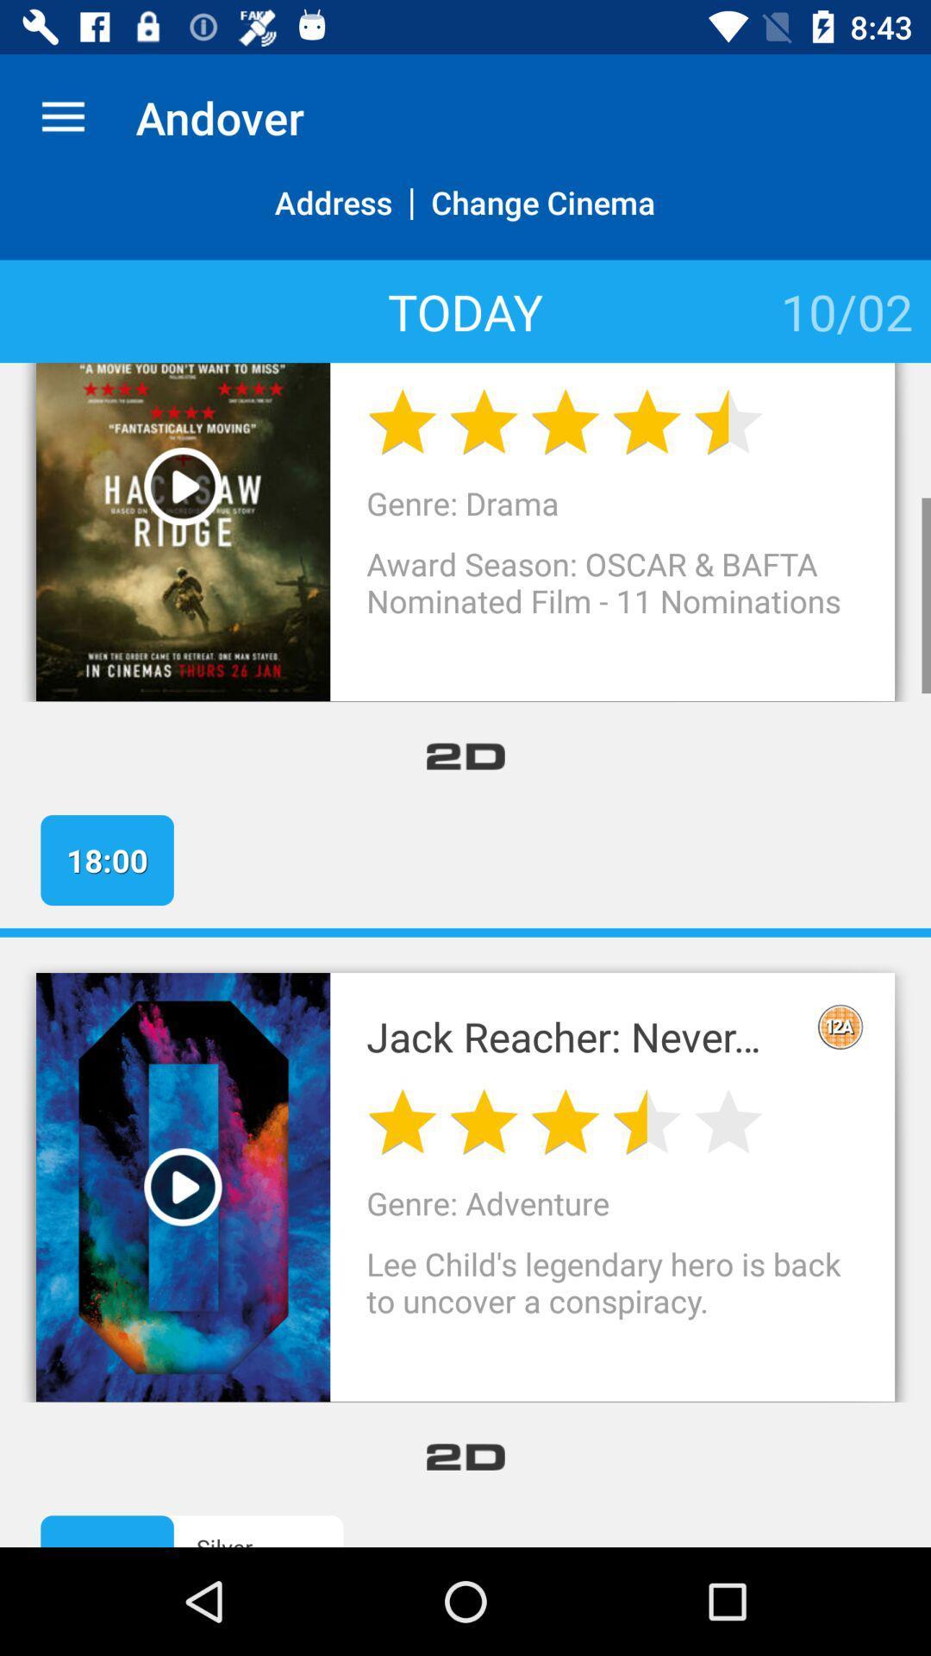  Describe the element at coordinates (840, 1026) in the screenshot. I see `the item next to the jack reacher never item` at that location.